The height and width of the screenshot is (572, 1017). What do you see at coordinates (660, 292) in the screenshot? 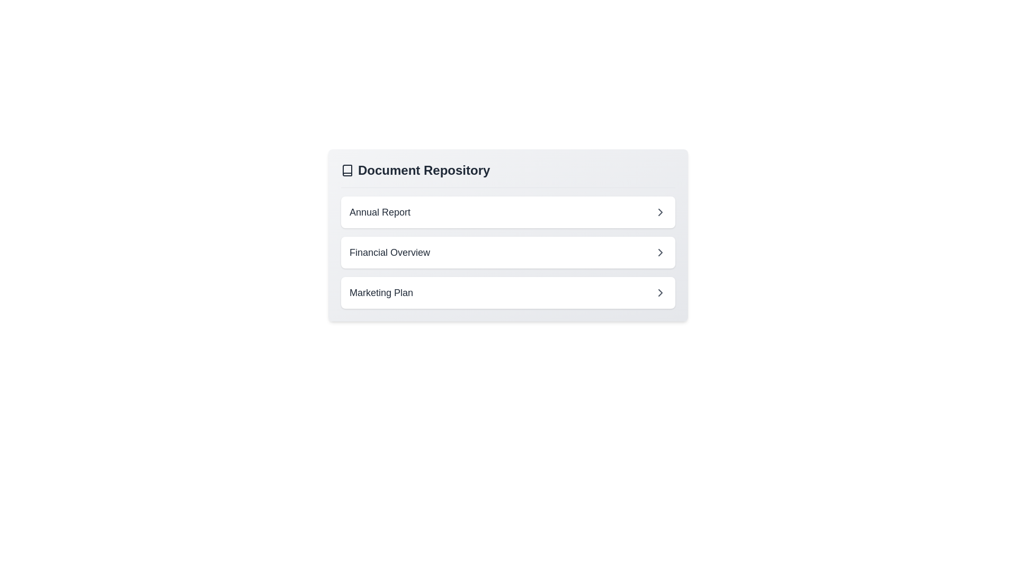
I see `the right-pointing chevron navigation icon located to the far right of the 'Marketing Plan' list item in the 'Document Repository' section` at bounding box center [660, 292].